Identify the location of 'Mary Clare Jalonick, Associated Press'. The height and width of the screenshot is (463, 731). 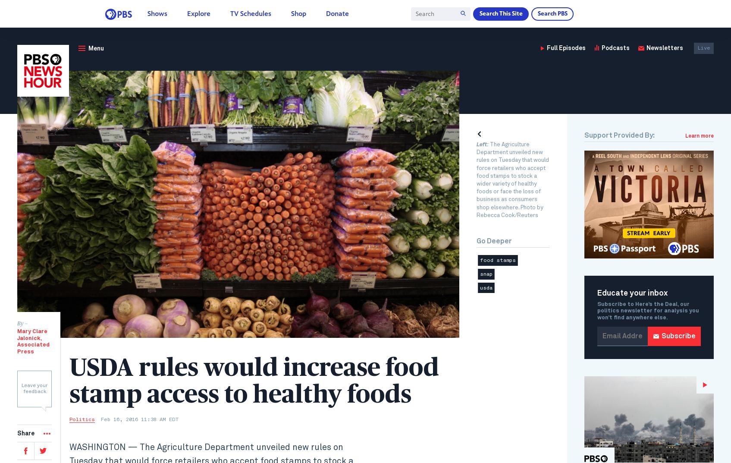
(33, 341).